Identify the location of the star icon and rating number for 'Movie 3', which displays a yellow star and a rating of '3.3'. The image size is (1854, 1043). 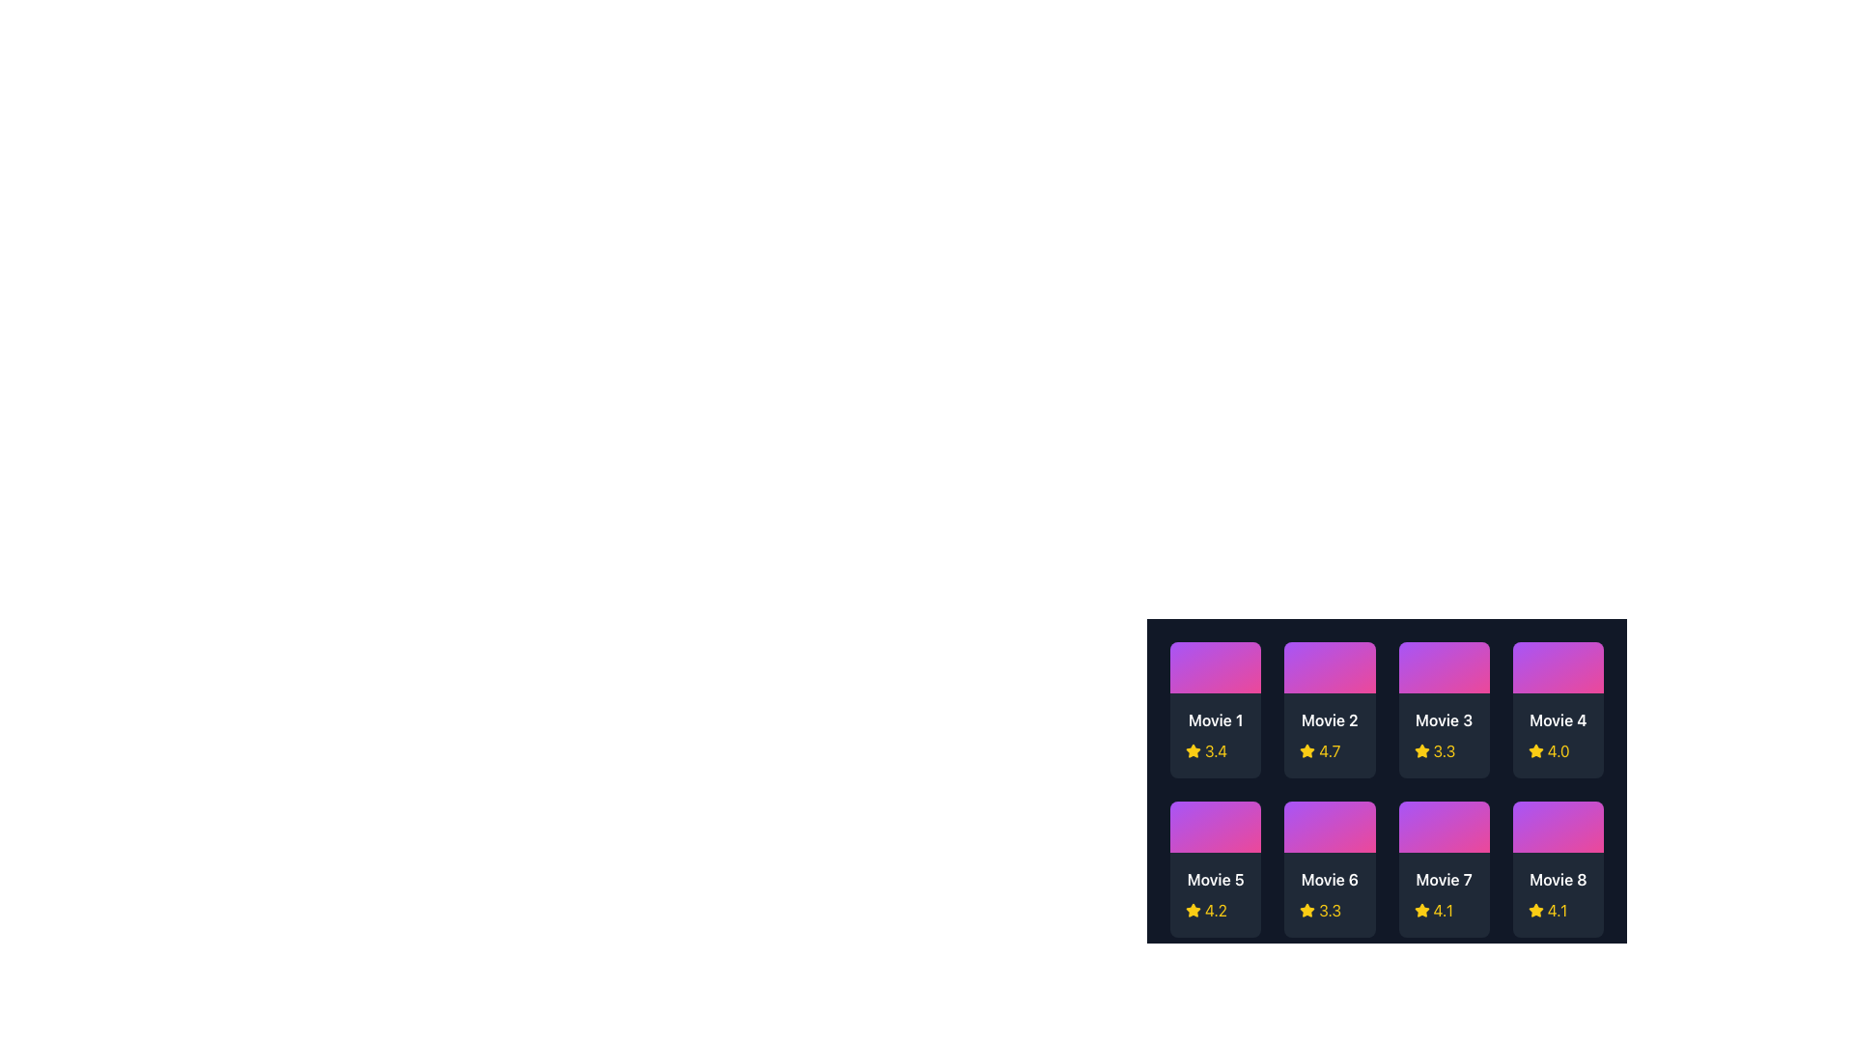
(1444, 750).